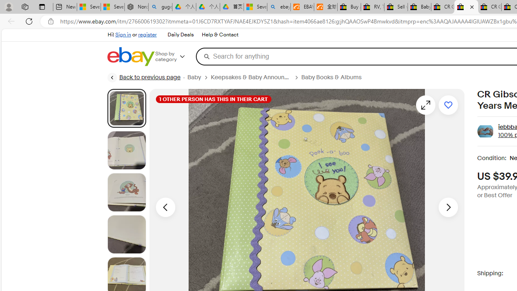 The image size is (517, 291). I want to click on 'Sign in', so click(123, 34).